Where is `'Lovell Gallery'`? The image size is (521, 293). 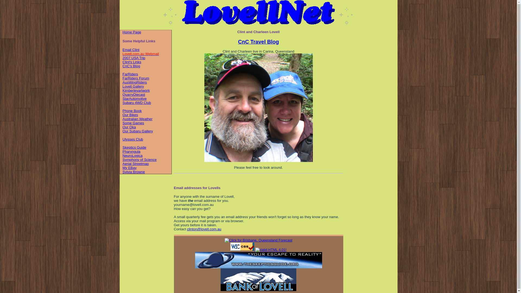
'Lovell Gallery' is located at coordinates (133, 86).